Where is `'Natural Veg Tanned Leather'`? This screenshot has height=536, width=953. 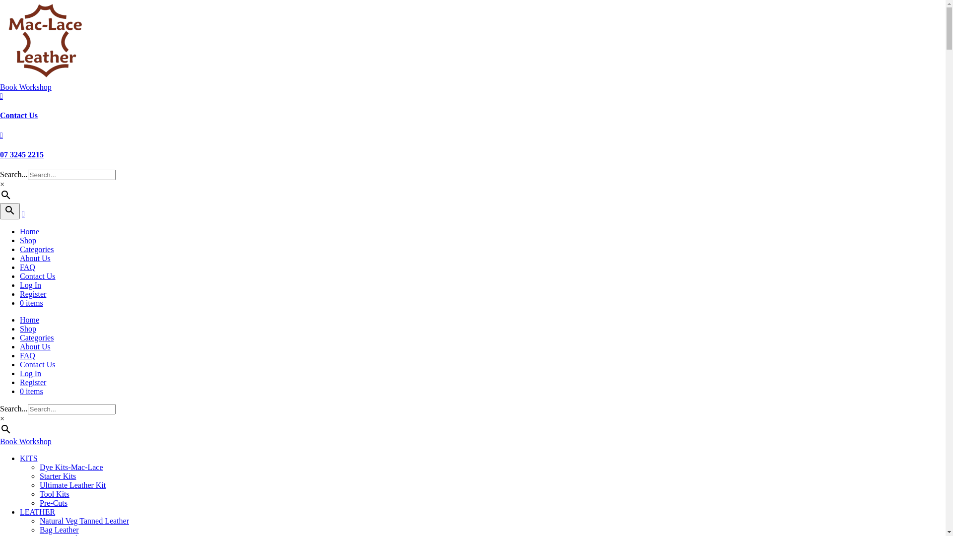
'Natural Veg Tanned Leather' is located at coordinates (84, 520).